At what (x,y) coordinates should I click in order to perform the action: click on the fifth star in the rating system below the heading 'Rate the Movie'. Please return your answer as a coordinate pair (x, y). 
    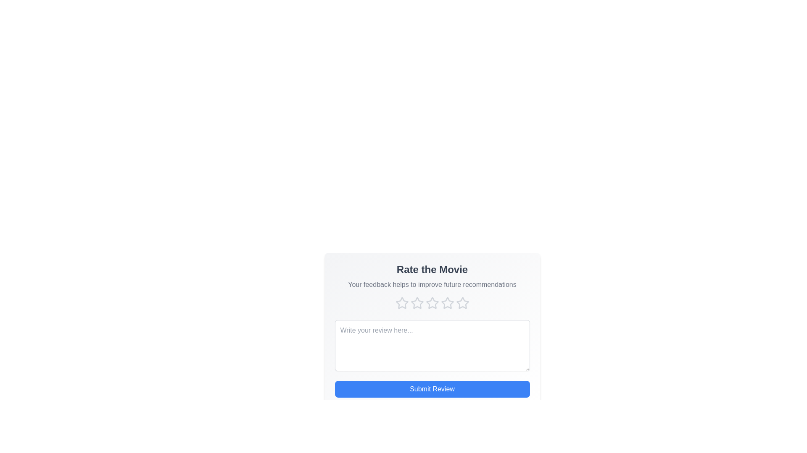
    Looking at the image, I should click on (462, 303).